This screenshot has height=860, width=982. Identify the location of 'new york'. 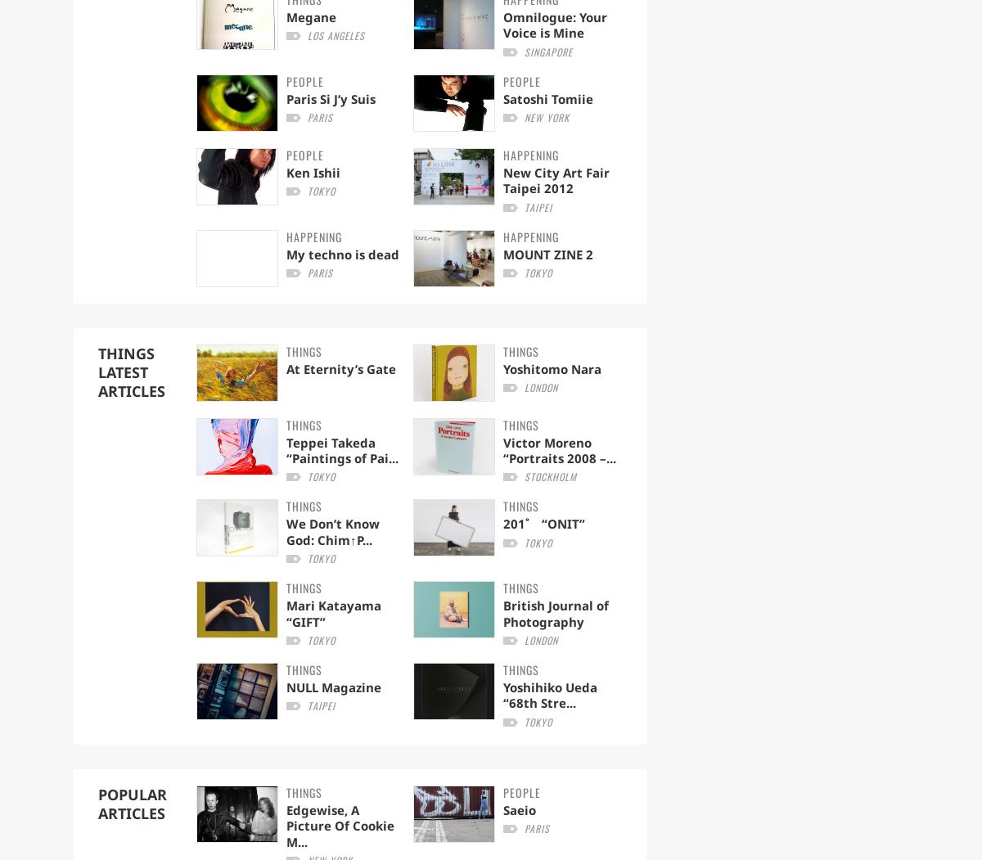
(547, 116).